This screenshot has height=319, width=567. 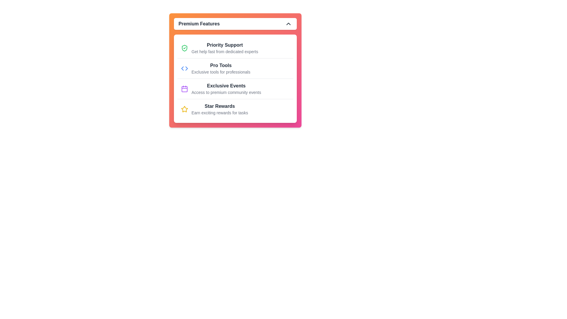 What do you see at coordinates (235, 48) in the screenshot?
I see `the 'Priority Support' list item, which features a green shield icon and descriptive text` at bounding box center [235, 48].